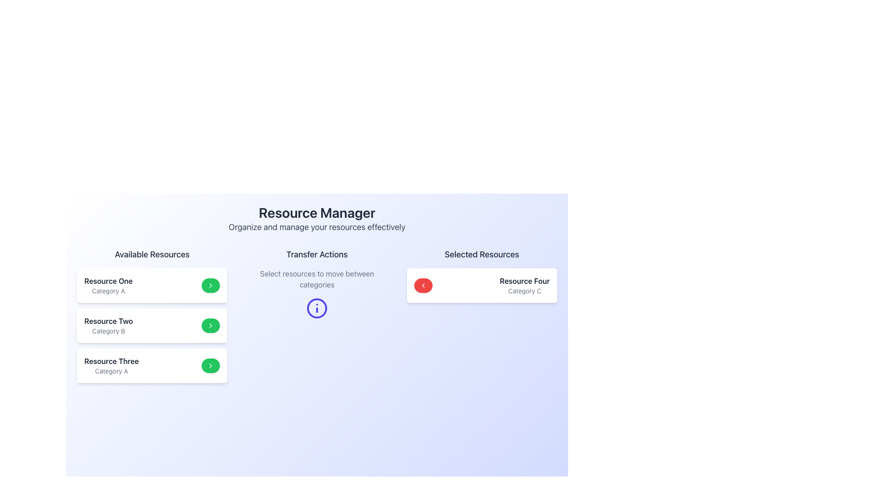  I want to click on the green circular button containing the right-pointing chevron icon, so click(210, 325).